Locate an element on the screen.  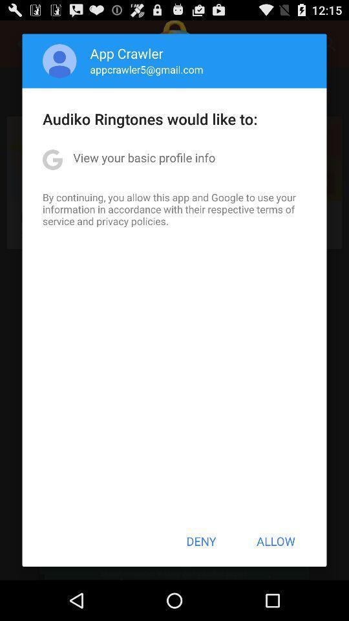
the deny button is located at coordinates (201, 541).